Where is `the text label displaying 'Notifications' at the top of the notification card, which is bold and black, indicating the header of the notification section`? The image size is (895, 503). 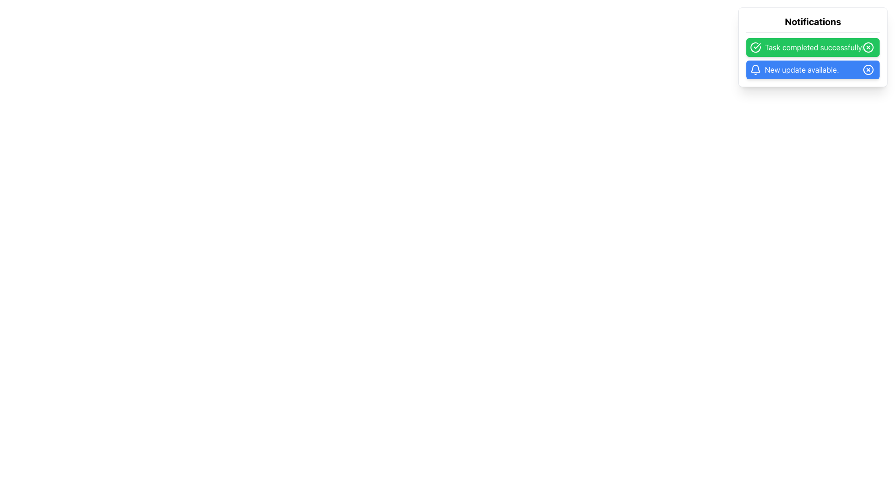
the text label displaying 'Notifications' at the top of the notification card, which is bold and black, indicating the header of the notification section is located at coordinates (812, 23).